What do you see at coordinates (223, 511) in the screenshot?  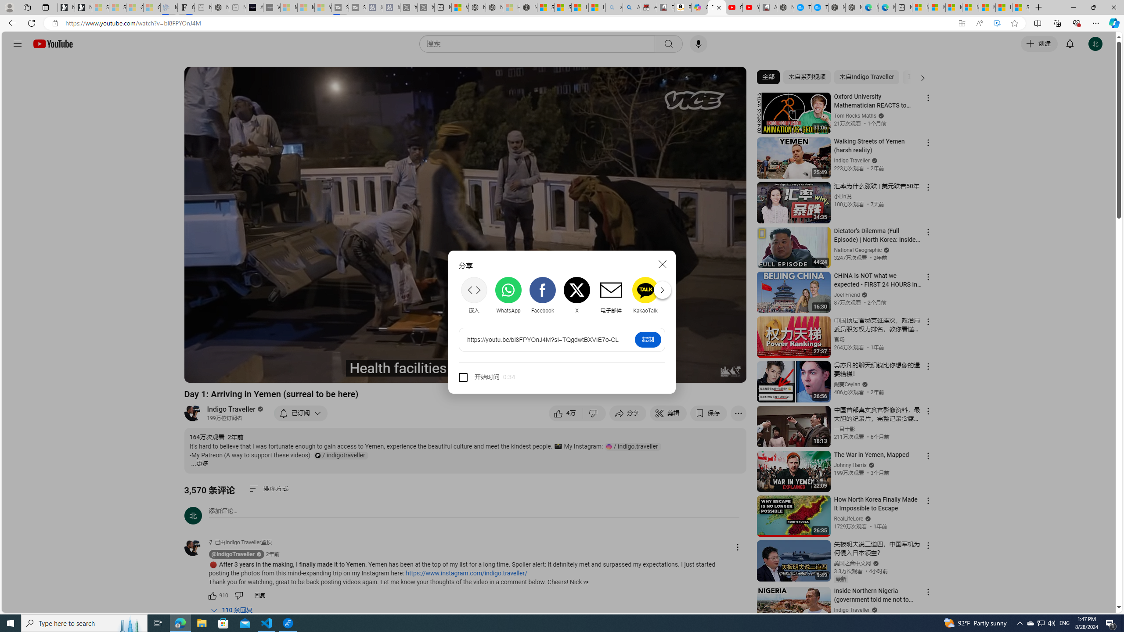 I see `'AutomationID: simplebox-placeholder'` at bounding box center [223, 511].